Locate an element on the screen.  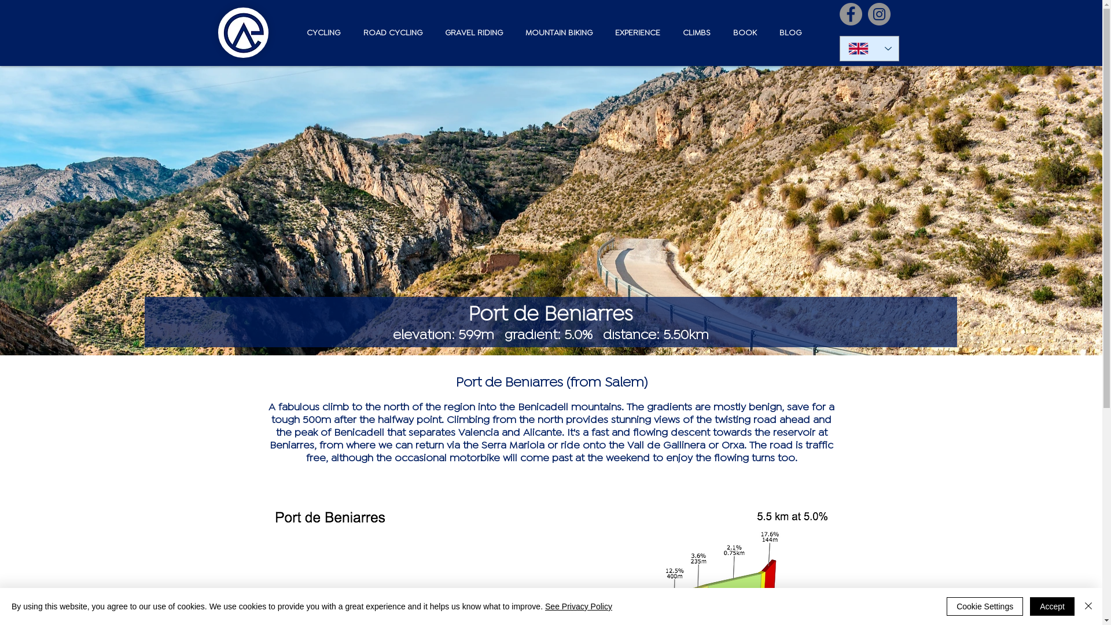
'CLIMBS' is located at coordinates (694, 32).